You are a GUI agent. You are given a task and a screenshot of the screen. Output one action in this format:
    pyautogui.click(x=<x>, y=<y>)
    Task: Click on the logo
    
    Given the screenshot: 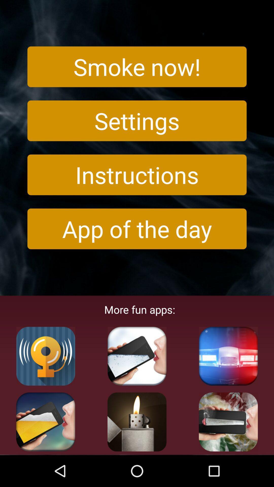 What is the action you would take?
    pyautogui.click(x=228, y=422)
    